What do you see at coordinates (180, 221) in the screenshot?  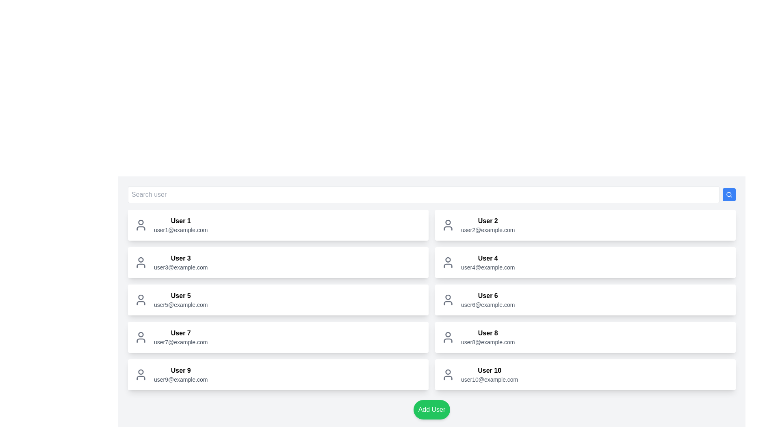 I see `the 'User 1' text label, which is displayed in bold font at the top-left section of a user card, positioned above the email address 'user1@example.com'` at bounding box center [180, 221].